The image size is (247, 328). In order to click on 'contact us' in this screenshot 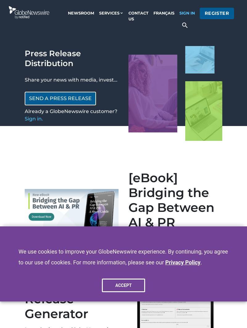, I will do `click(138, 15)`.